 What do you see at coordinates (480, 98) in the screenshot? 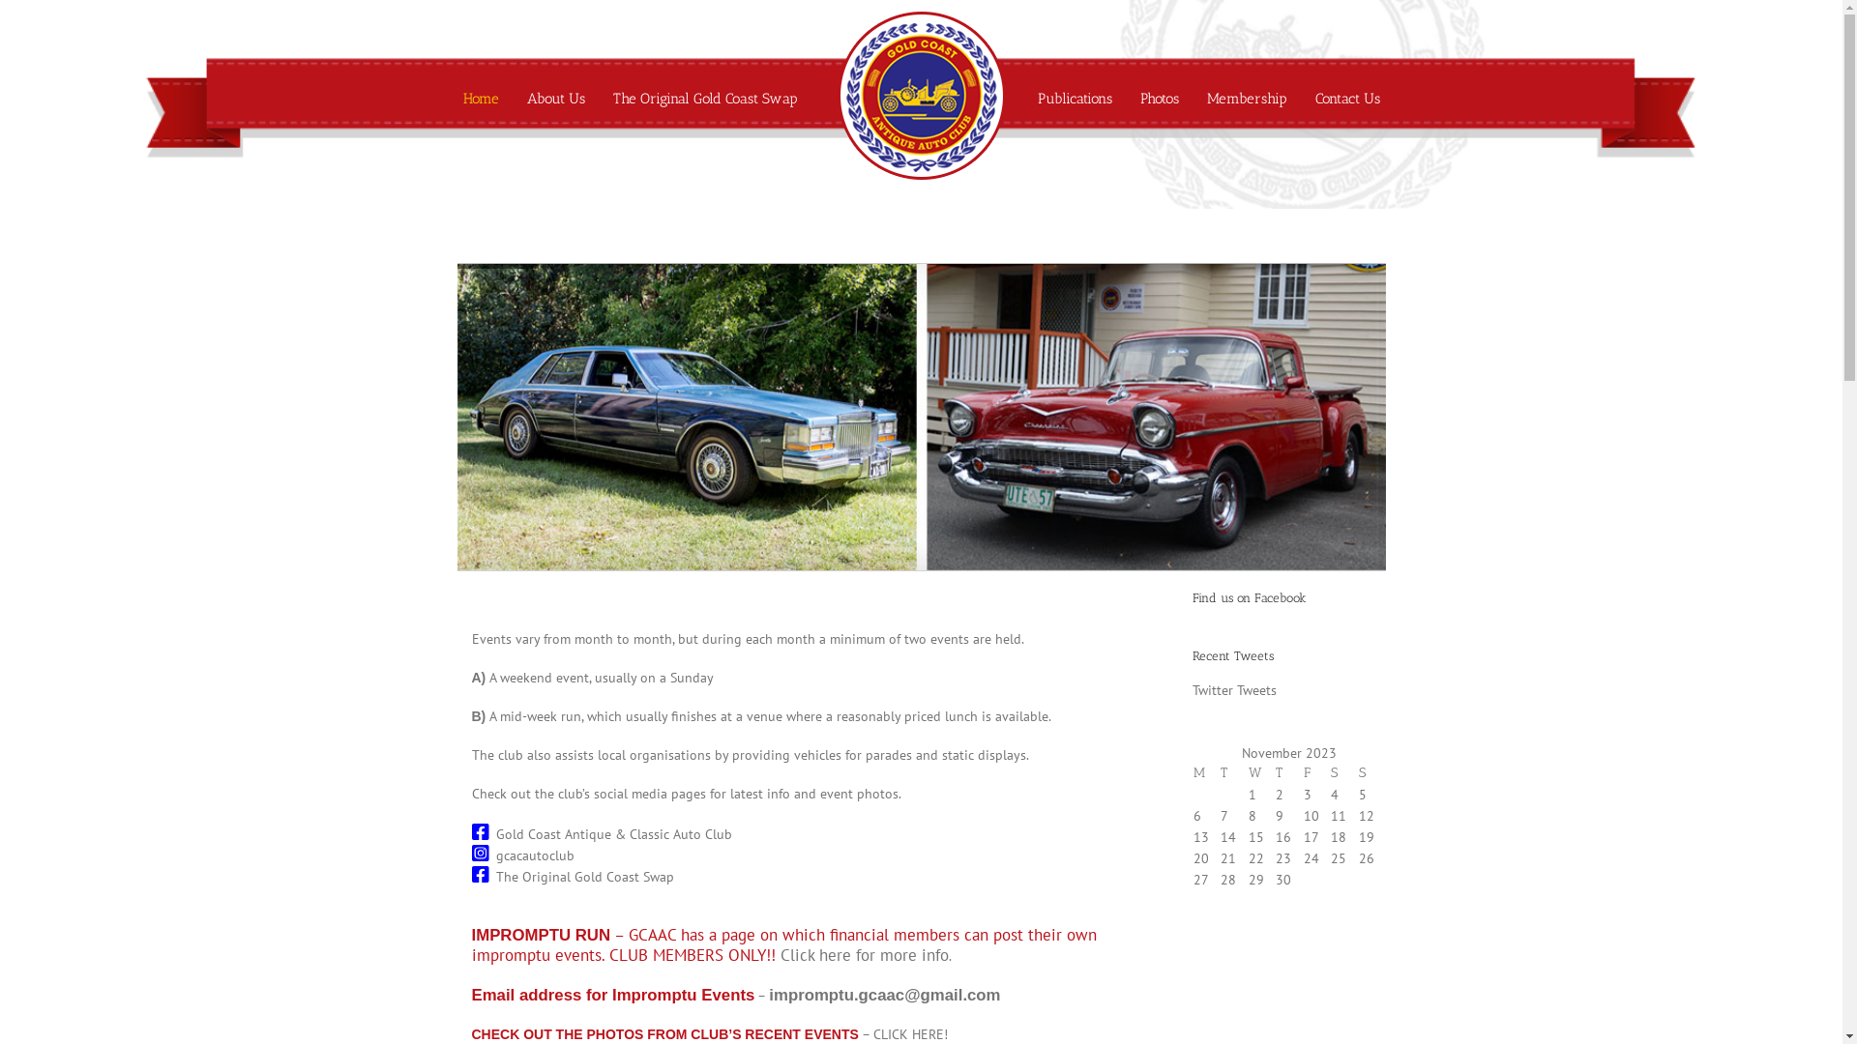
I see `'Home'` at bounding box center [480, 98].